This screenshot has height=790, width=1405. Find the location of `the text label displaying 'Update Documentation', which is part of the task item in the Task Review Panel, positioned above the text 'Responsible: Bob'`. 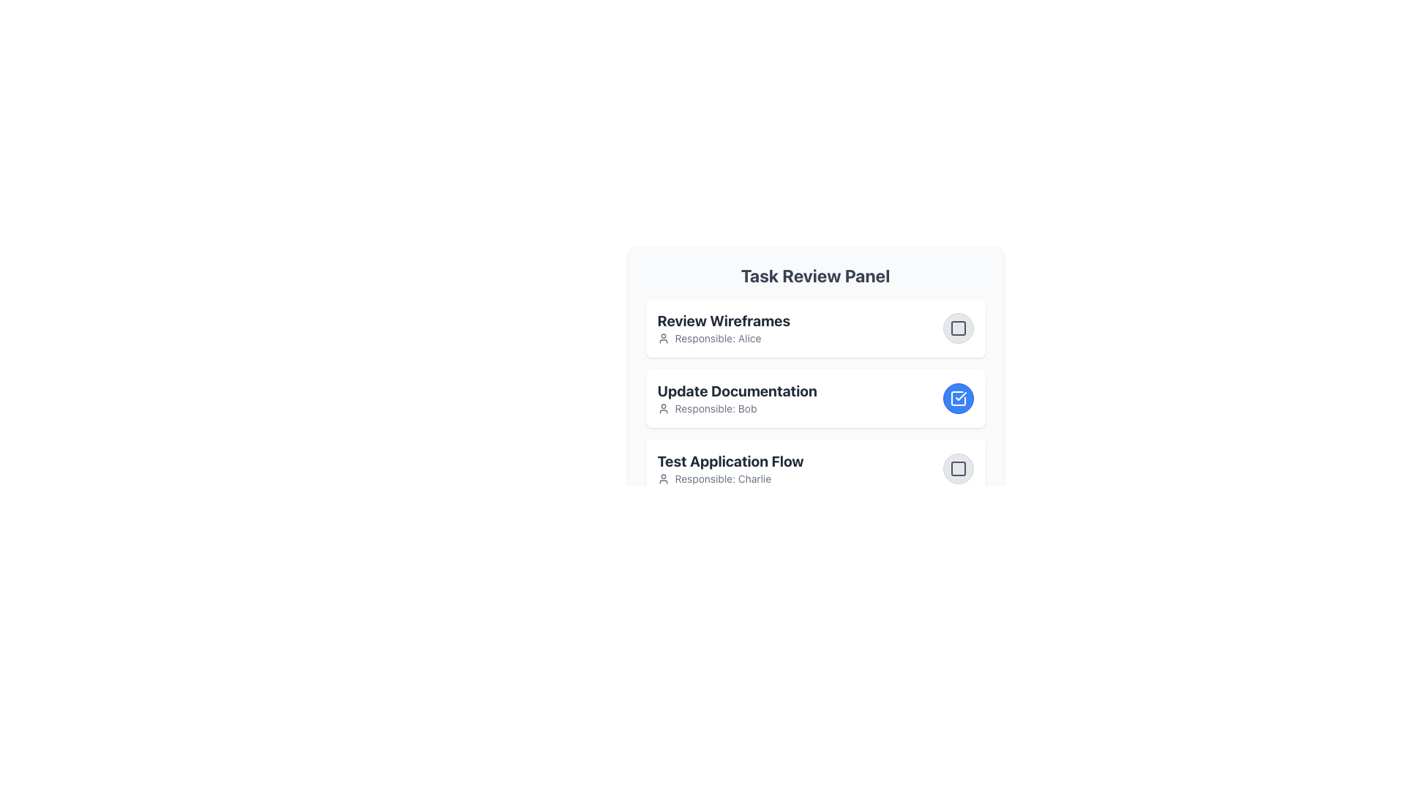

the text label displaying 'Update Documentation', which is part of the task item in the Task Review Panel, positioned above the text 'Responsible: Bob' is located at coordinates (737, 391).